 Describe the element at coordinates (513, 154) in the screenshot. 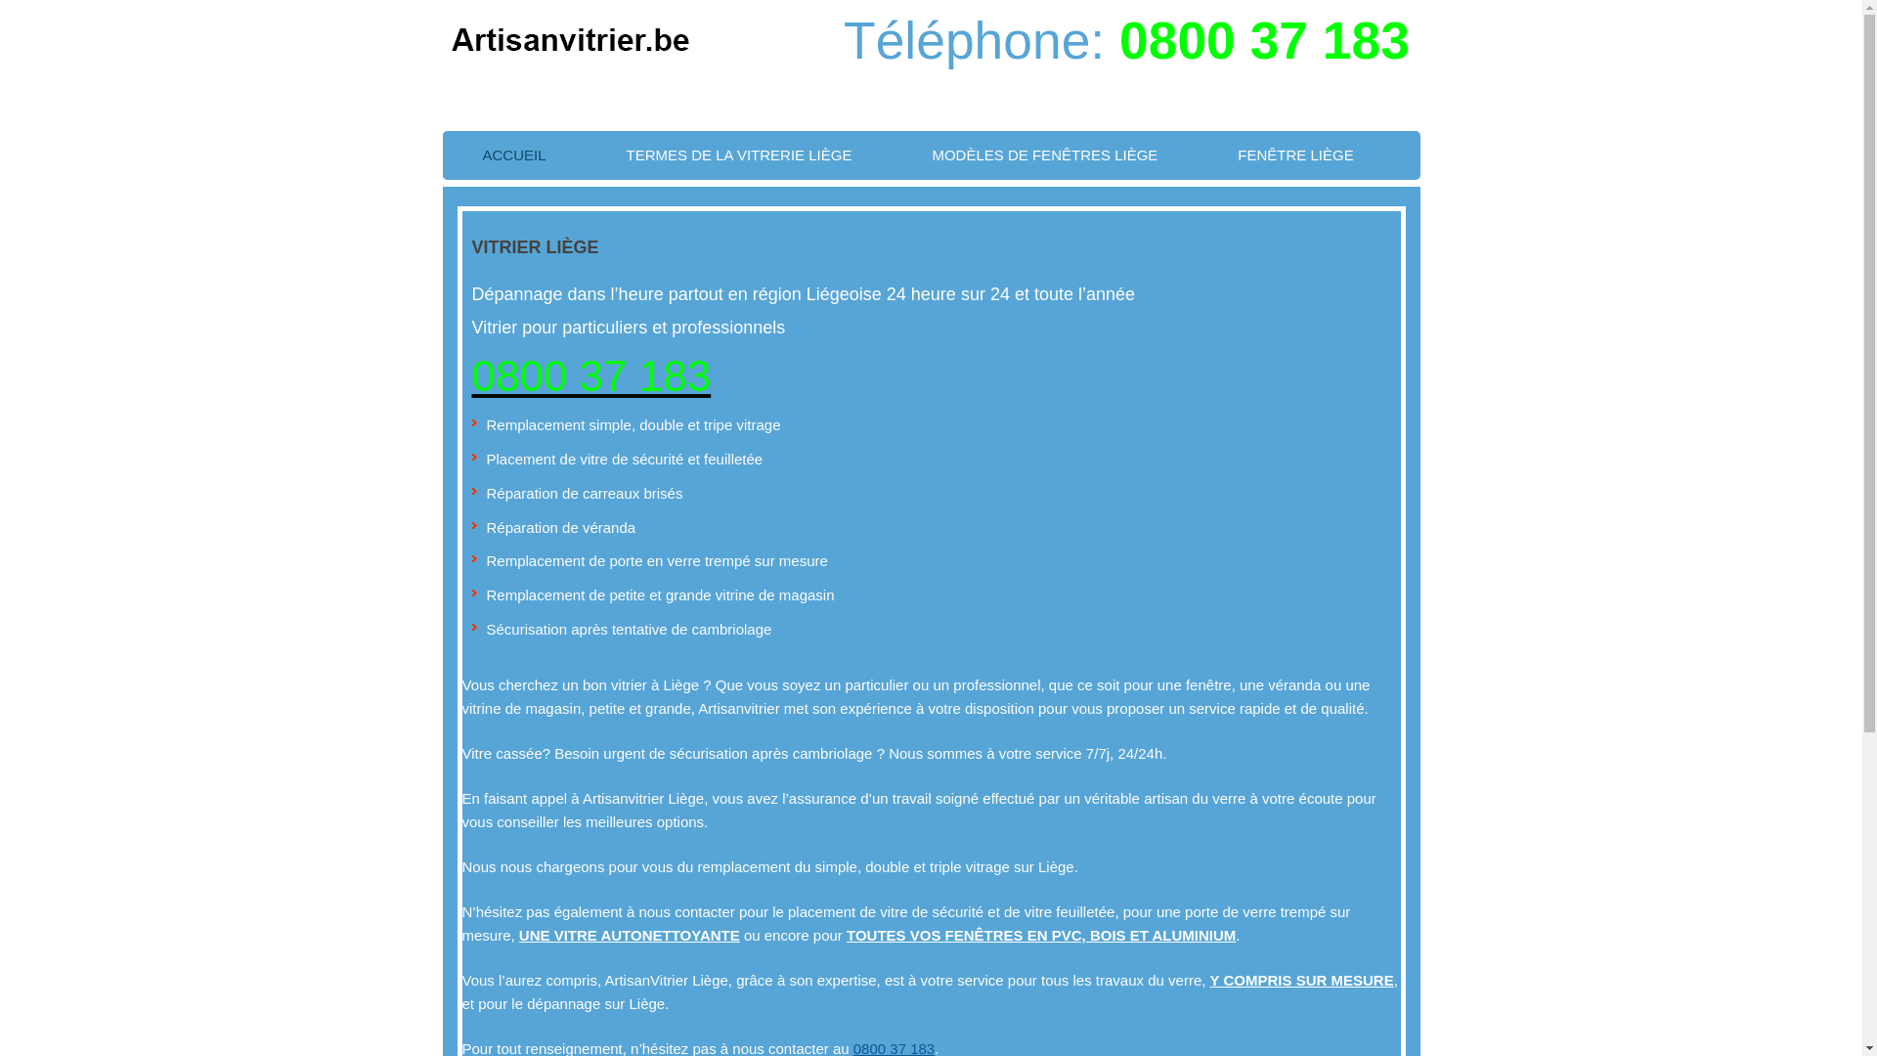

I see `'ACCUEIL'` at that location.